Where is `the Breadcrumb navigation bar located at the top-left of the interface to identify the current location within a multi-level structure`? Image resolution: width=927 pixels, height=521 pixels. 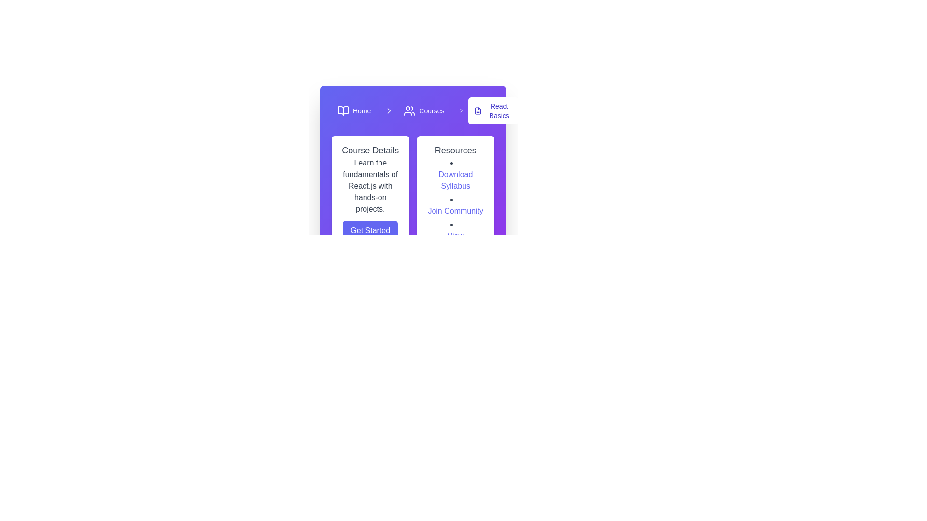
the Breadcrumb navigation bar located at the top-left of the interface to identify the current location within a multi-level structure is located at coordinates (413, 110).